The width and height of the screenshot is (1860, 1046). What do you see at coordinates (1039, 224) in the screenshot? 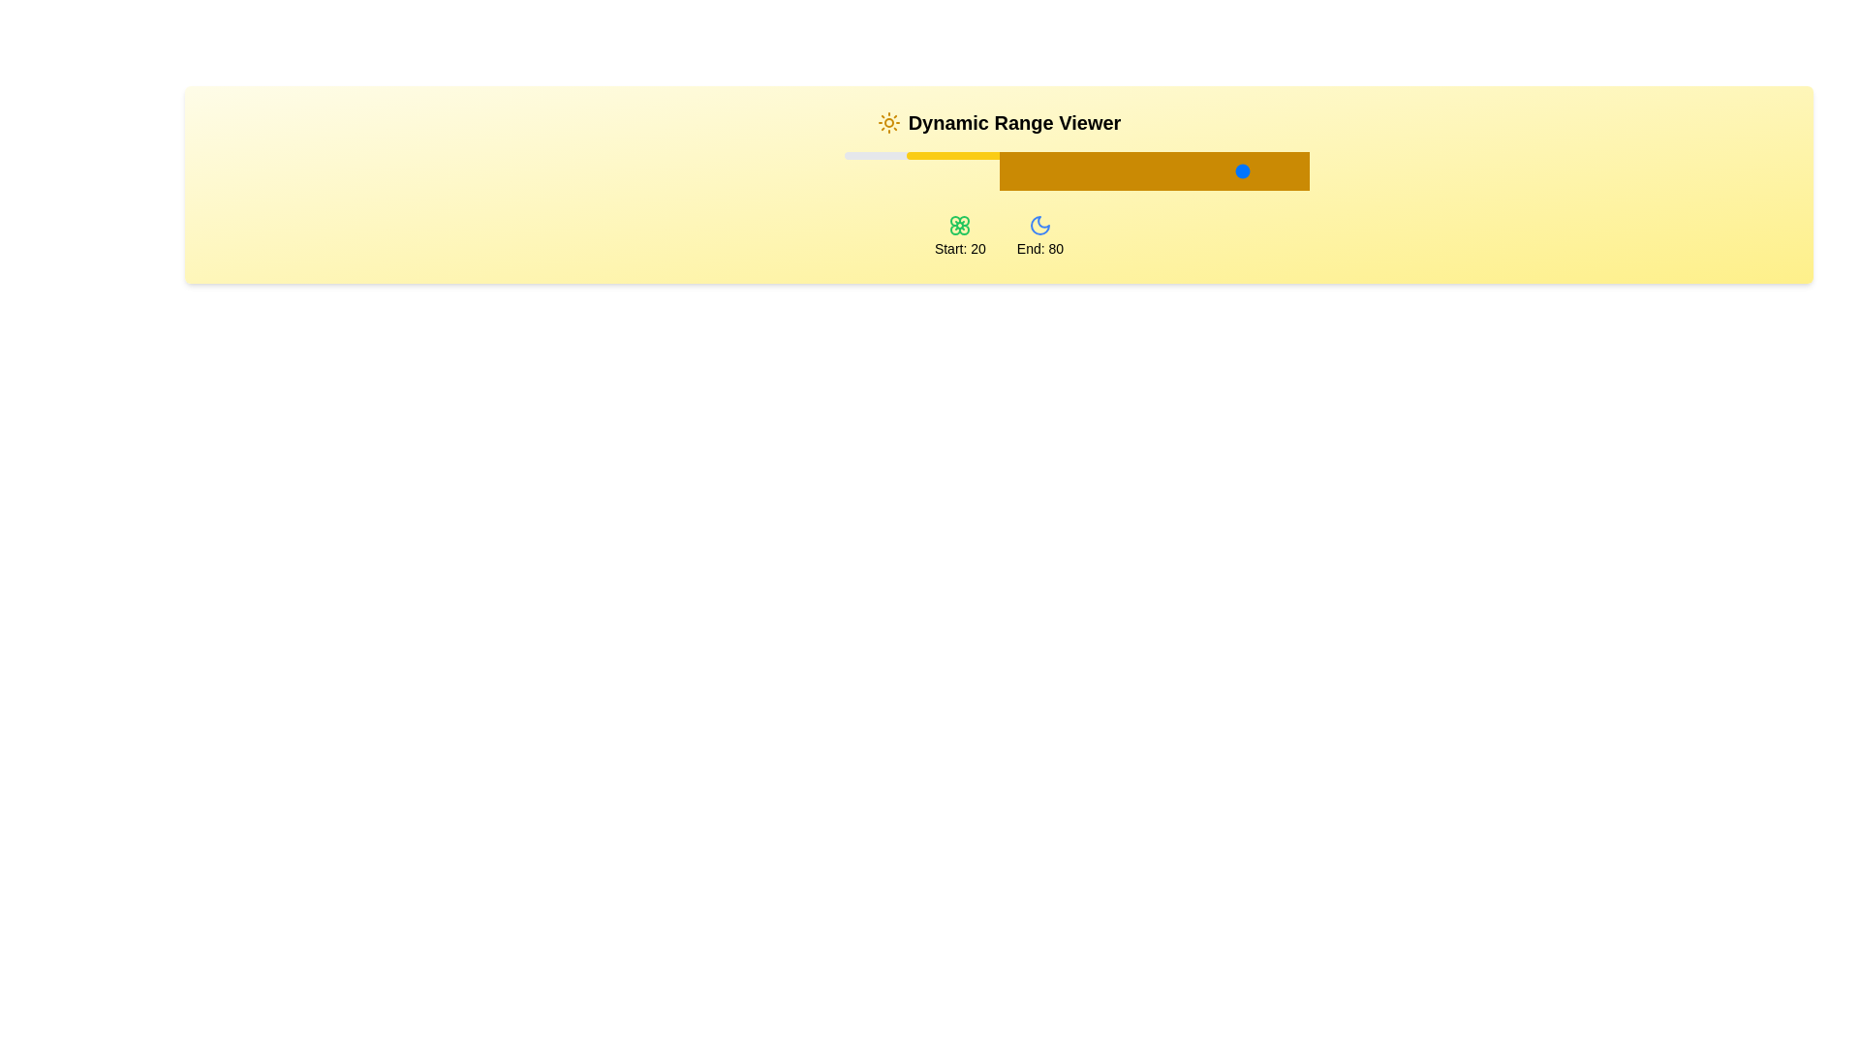
I see `the moon-shaped icon with a blue outline located under the label 'End: 80' in the lower section of the main content area` at bounding box center [1039, 224].